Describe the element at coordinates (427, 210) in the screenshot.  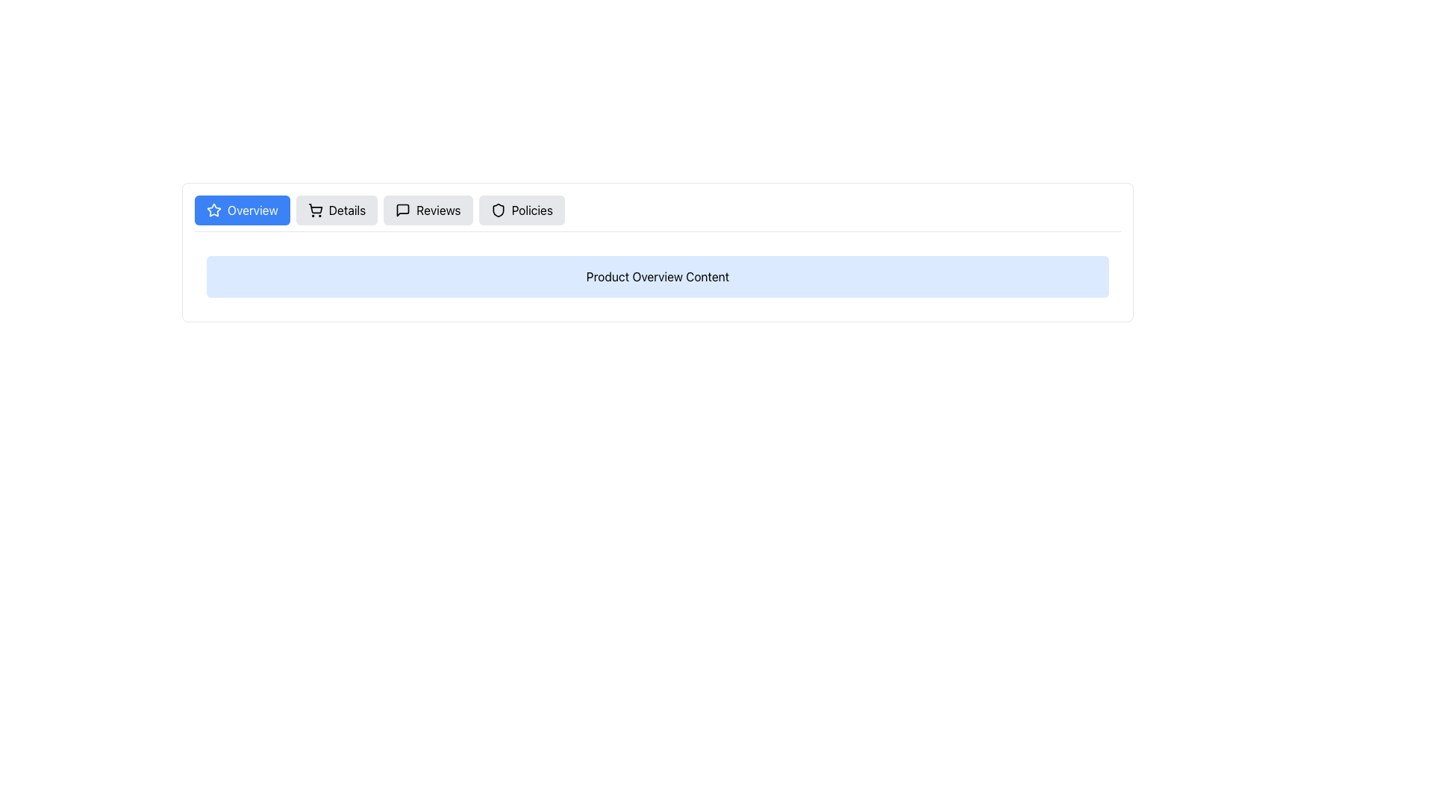
I see `the 'Reviews' navigation button located between the 'Details' and 'Policies' buttons to observe the hover effects` at that location.